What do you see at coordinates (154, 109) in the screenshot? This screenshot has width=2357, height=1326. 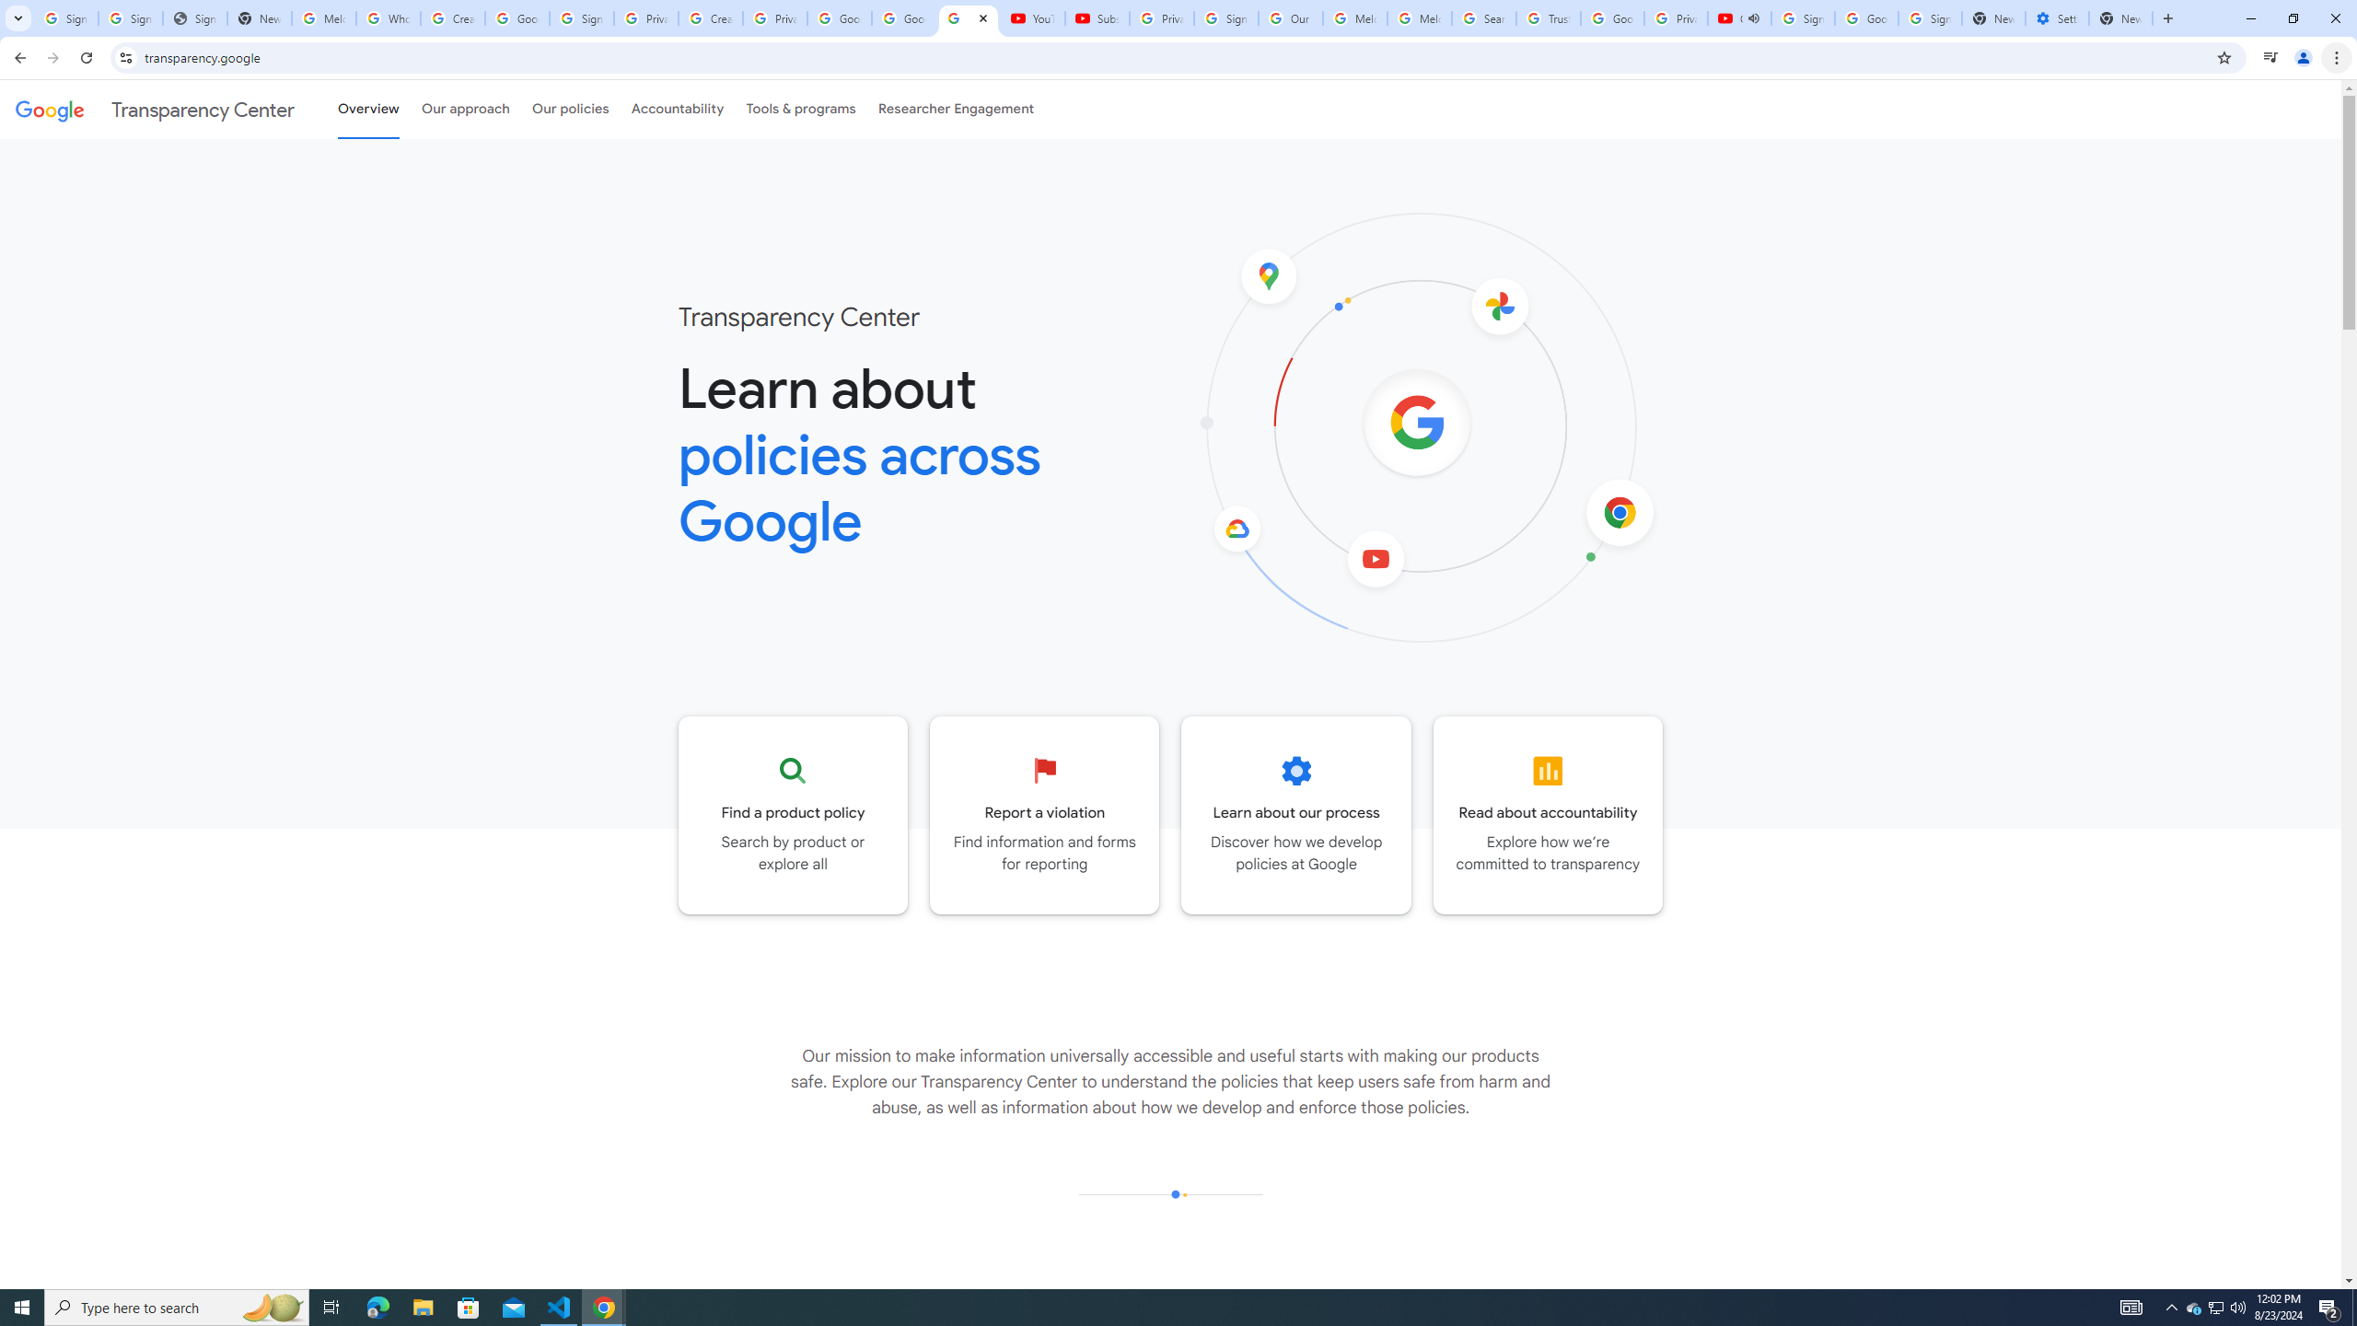 I see `'Transparency Center'` at bounding box center [154, 109].